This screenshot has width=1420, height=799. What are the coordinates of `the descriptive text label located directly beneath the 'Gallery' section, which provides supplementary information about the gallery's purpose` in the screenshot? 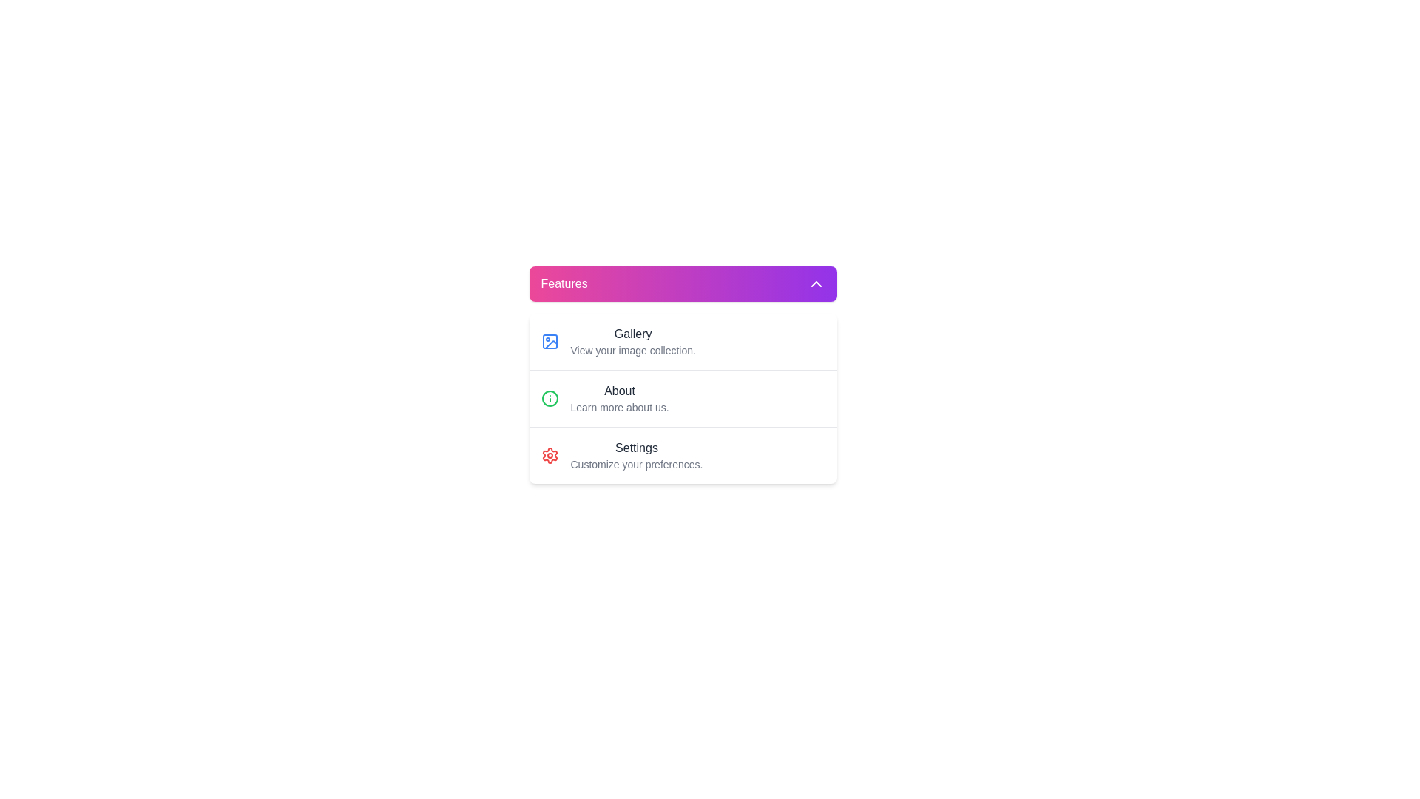 It's located at (633, 351).